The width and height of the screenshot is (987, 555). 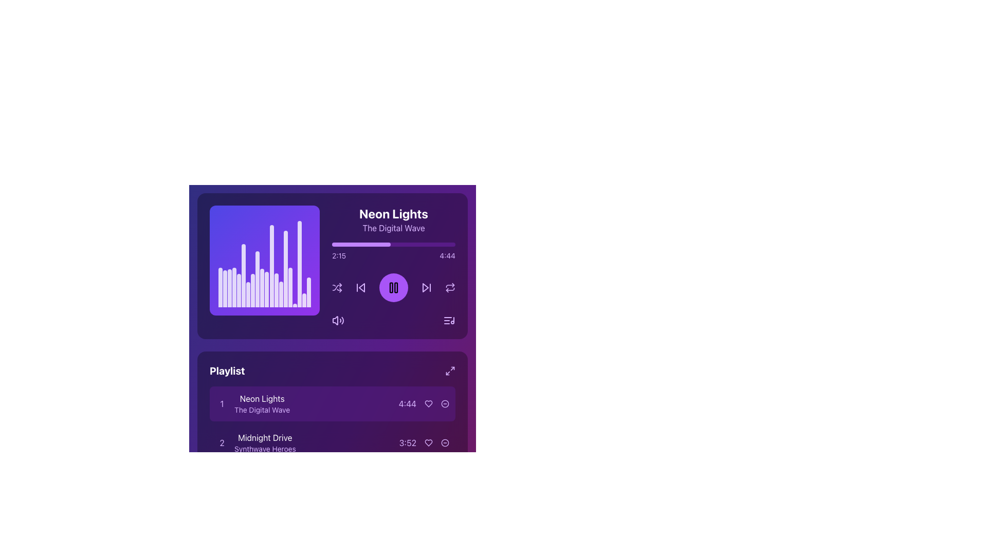 I want to click on the text label displaying the duration of the track 'Midnight Drive' in the playlist, located in the second row next to the heart icon, so click(x=424, y=442).